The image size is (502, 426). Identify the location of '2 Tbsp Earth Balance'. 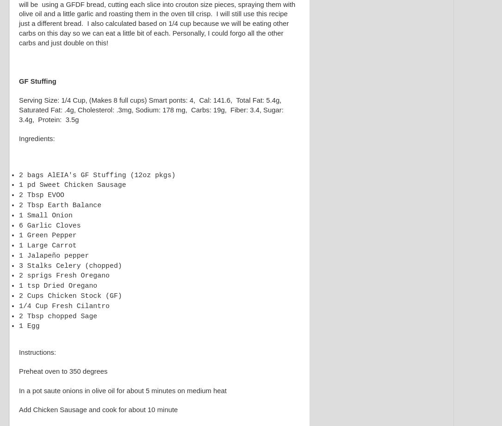
(59, 205).